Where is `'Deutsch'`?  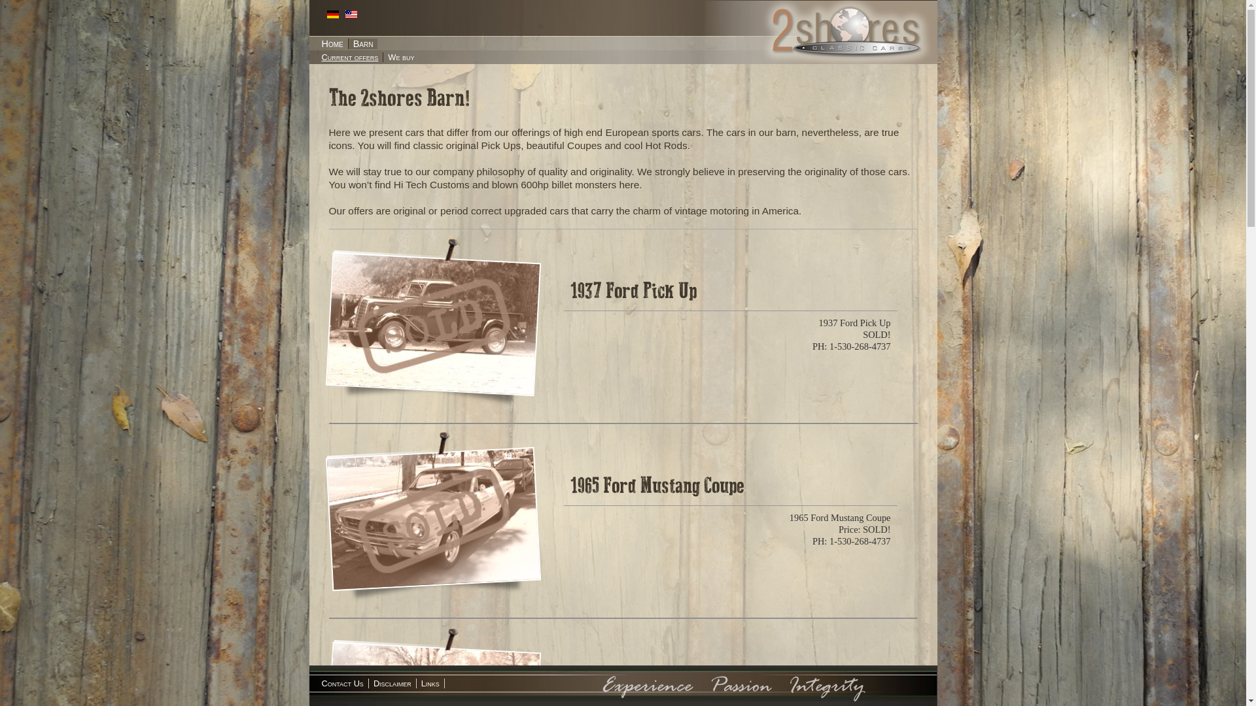
'Deutsch' is located at coordinates (326, 14).